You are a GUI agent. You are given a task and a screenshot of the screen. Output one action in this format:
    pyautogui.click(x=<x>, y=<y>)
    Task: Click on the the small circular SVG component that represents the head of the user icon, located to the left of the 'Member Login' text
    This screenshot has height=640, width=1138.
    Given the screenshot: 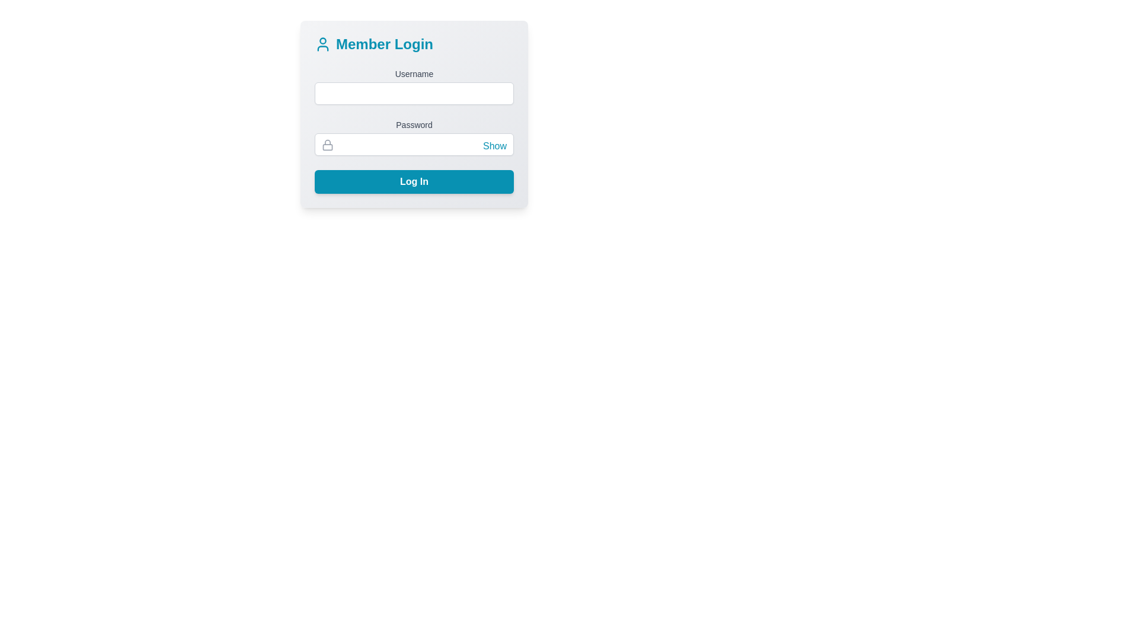 What is the action you would take?
    pyautogui.click(x=323, y=40)
    